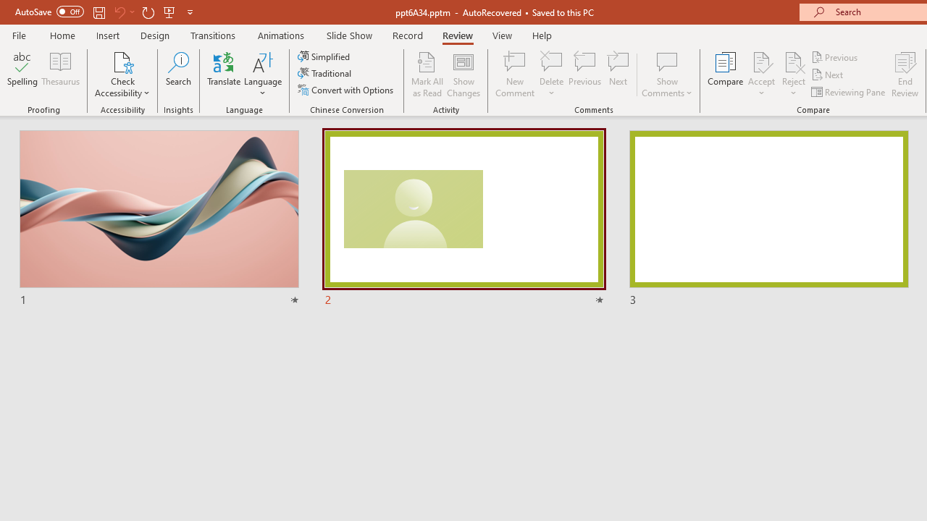  What do you see at coordinates (760, 61) in the screenshot?
I see `'Accept Change'` at bounding box center [760, 61].